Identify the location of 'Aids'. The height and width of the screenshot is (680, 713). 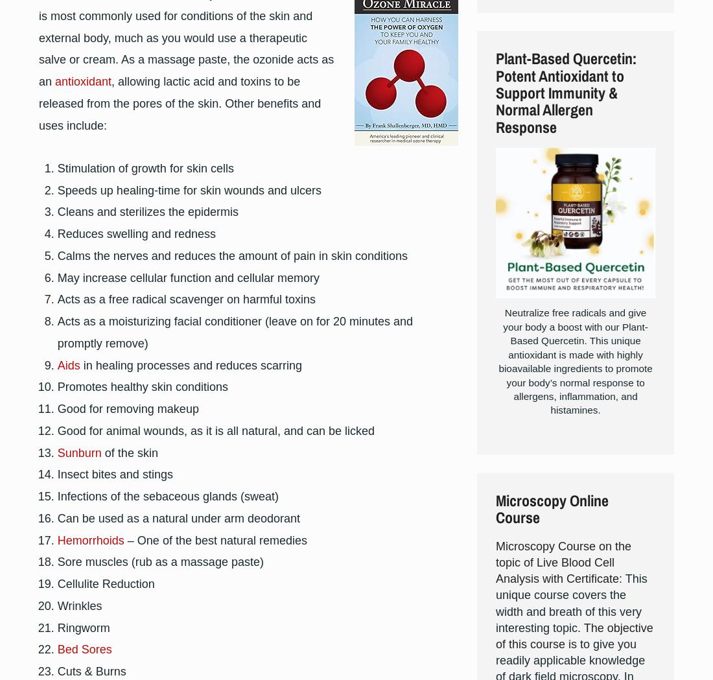
(68, 364).